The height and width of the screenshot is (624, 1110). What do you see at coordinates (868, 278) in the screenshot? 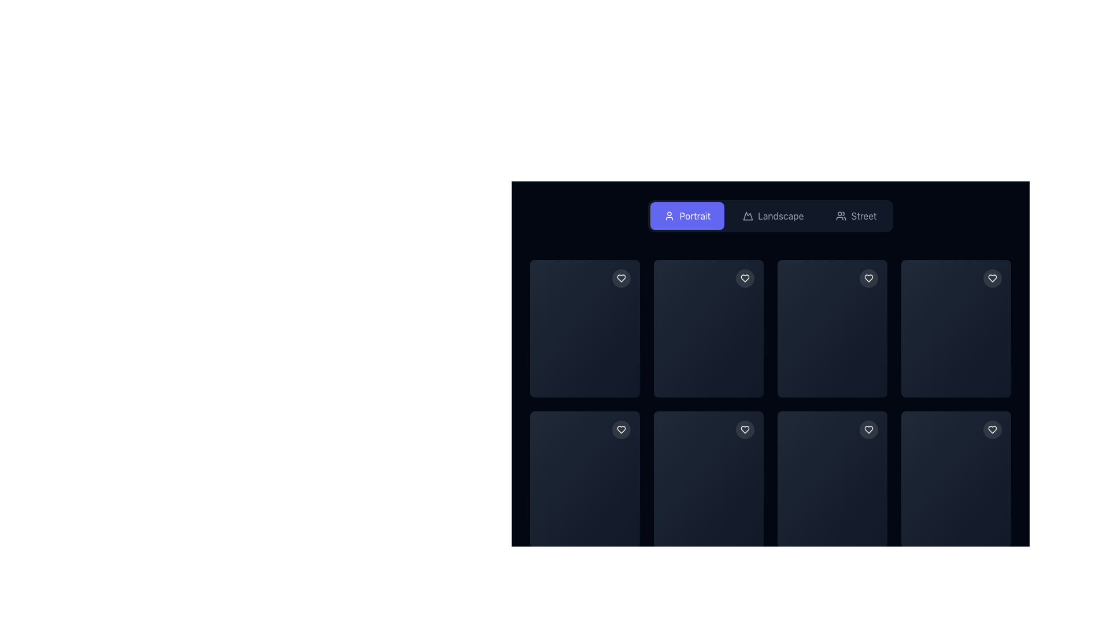
I see `the small circular button with a white heart outline icon in the top-right corner of the card labeled 'Portrait Shot 366544 Location 3'` at bounding box center [868, 278].